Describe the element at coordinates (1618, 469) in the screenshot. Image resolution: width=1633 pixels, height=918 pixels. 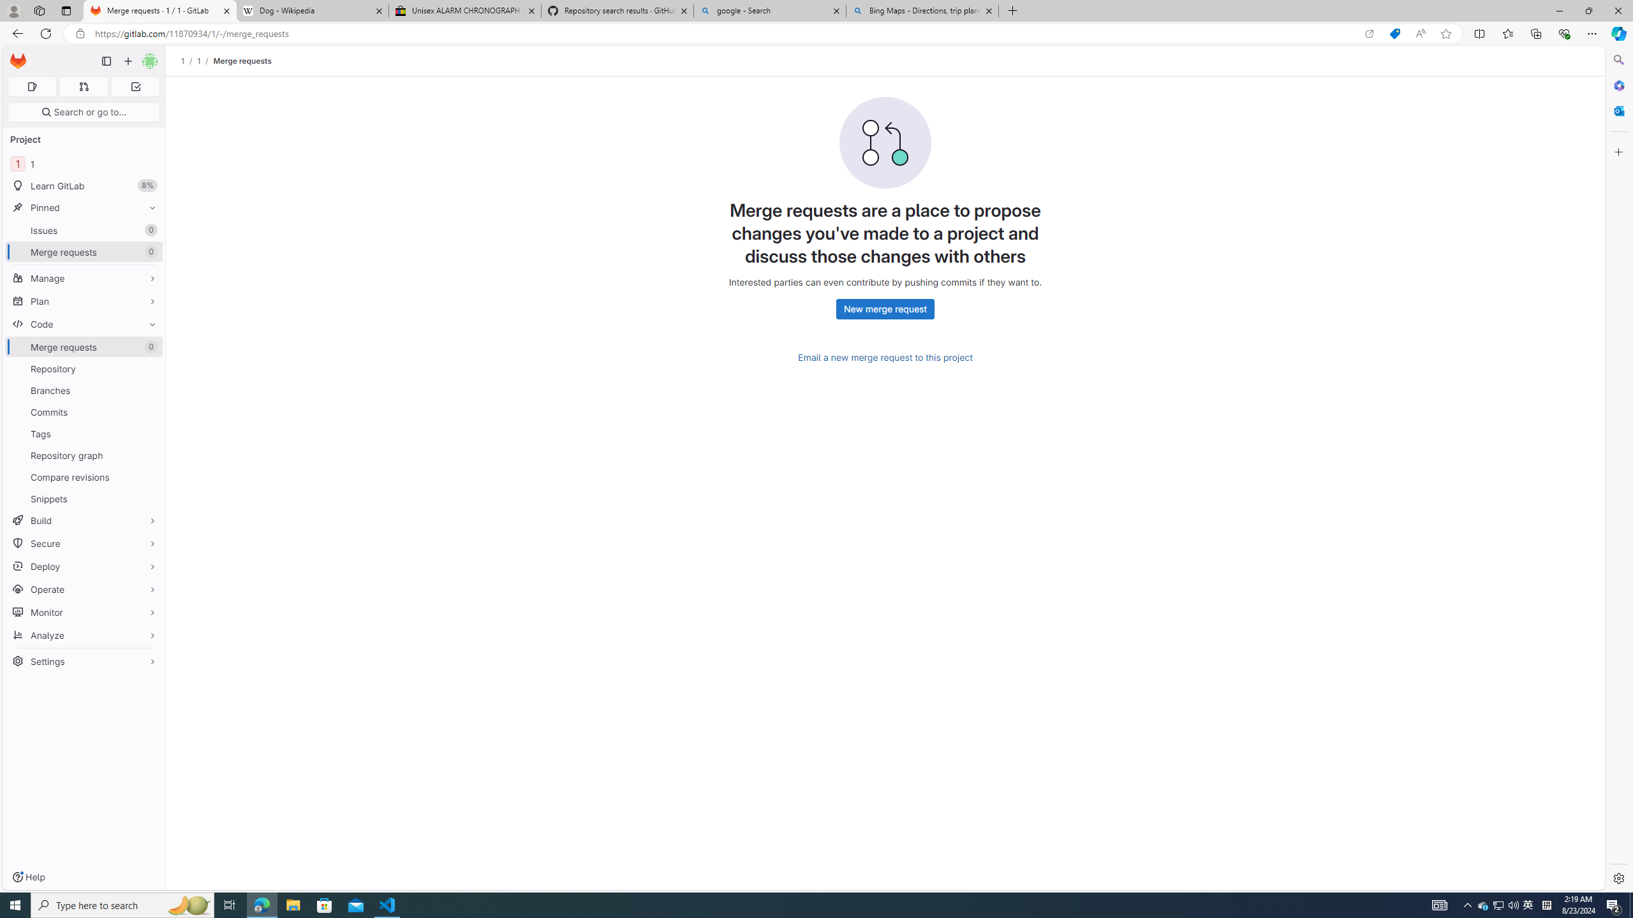
I see `'Side bar'` at that location.